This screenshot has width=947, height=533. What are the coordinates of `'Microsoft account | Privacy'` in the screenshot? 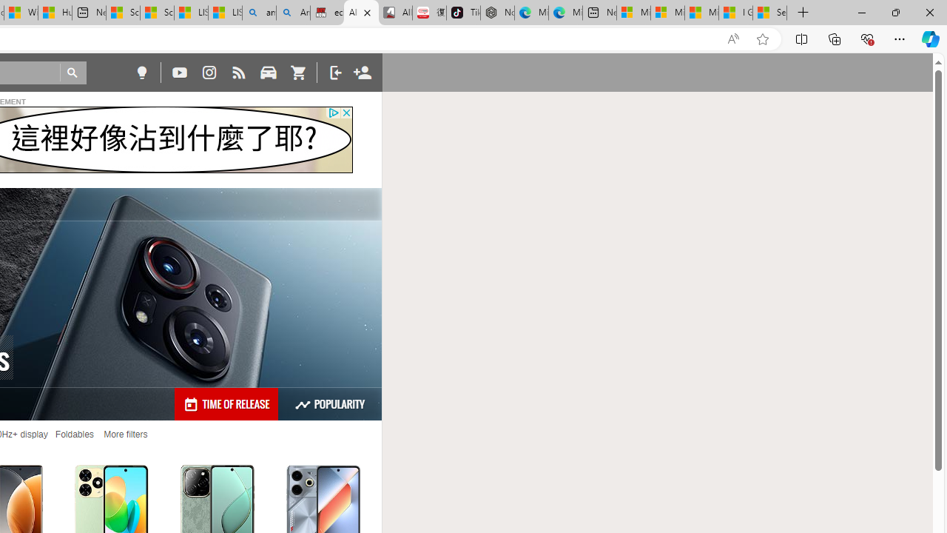 It's located at (667, 13).